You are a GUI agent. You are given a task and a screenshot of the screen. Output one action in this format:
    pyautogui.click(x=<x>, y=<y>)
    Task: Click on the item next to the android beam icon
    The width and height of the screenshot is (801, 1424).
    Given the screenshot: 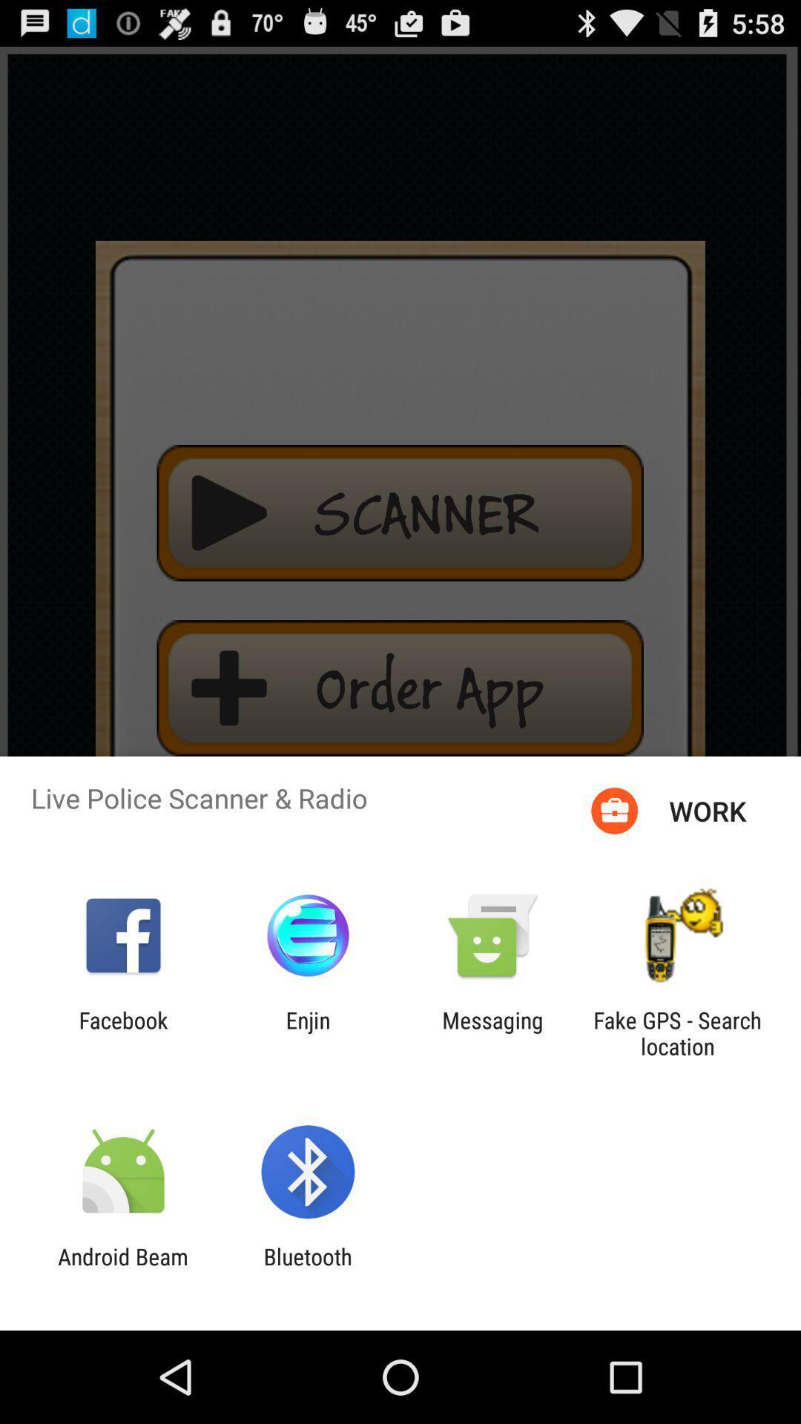 What is the action you would take?
    pyautogui.click(x=307, y=1269)
    